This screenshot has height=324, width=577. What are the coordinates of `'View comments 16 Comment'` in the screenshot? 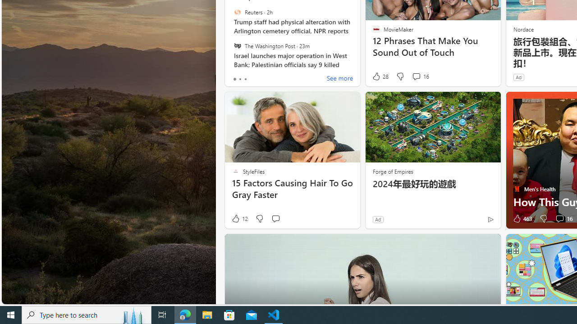 It's located at (559, 219).